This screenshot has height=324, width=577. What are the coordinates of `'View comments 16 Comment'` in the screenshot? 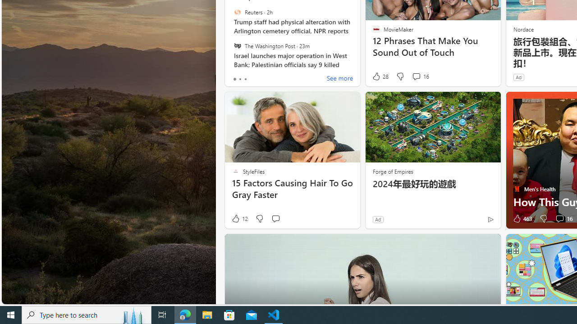 It's located at (559, 219).